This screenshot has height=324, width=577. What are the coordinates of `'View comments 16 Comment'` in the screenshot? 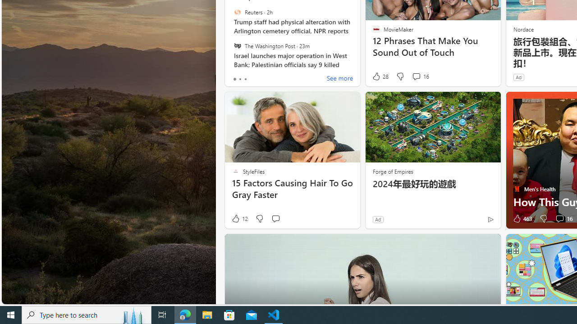 It's located at (559, 219).